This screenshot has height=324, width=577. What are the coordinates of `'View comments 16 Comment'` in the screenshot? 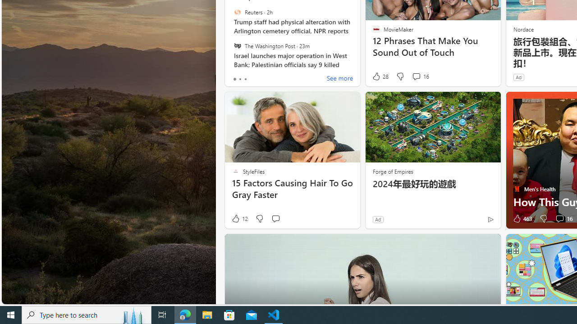 It's located at (559, 219).